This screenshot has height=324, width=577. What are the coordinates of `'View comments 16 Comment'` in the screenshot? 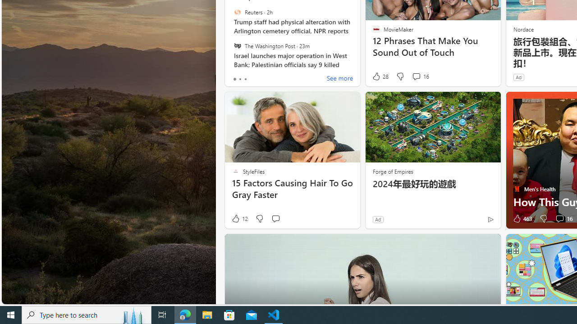 It's located at (559, 219).